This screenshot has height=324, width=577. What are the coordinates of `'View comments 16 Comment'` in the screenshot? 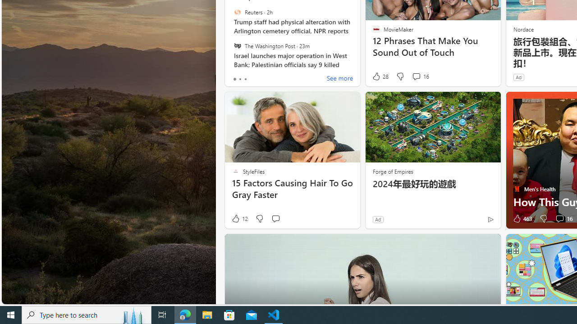 It's located at (559, 219).